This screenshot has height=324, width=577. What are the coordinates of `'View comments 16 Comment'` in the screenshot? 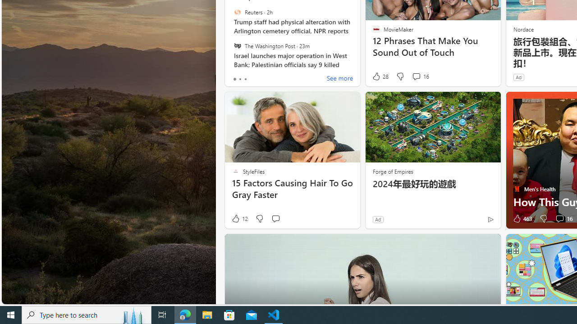 It's located at (559, 219).